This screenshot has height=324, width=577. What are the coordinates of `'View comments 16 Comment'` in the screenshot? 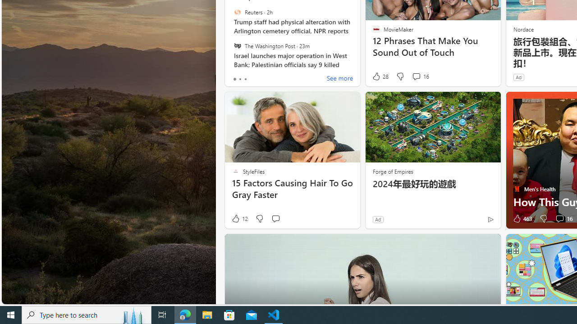 It's located at (559, 219).